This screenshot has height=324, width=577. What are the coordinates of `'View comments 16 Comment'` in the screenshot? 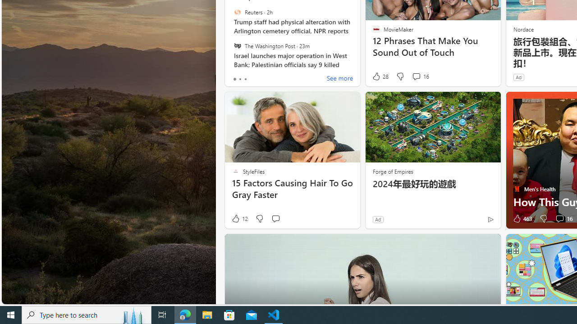 It's located at (559, 219).